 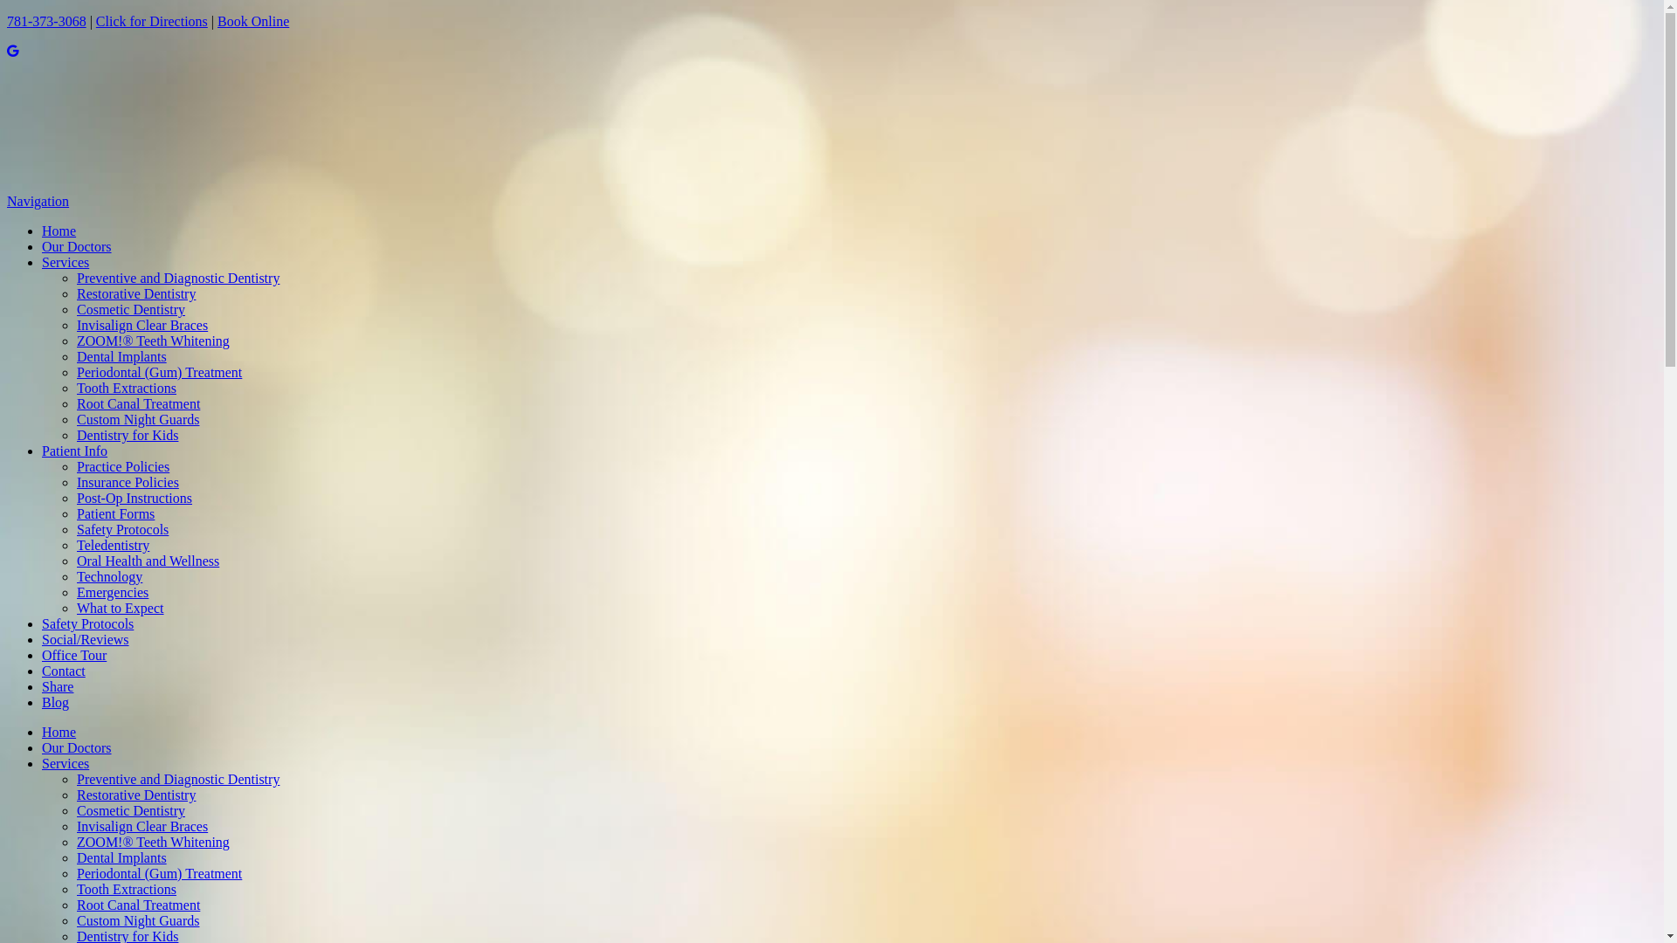 What do you see at coordinates (38, 200) in the screenshot?
I see `'Navigation'` at bounding box center [38, 200].